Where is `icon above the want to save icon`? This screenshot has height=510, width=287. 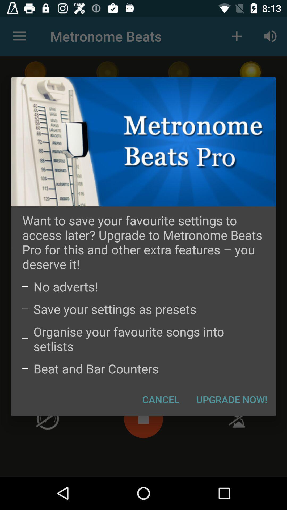
icon above the want to save icon is located at coordinates (143, 142).